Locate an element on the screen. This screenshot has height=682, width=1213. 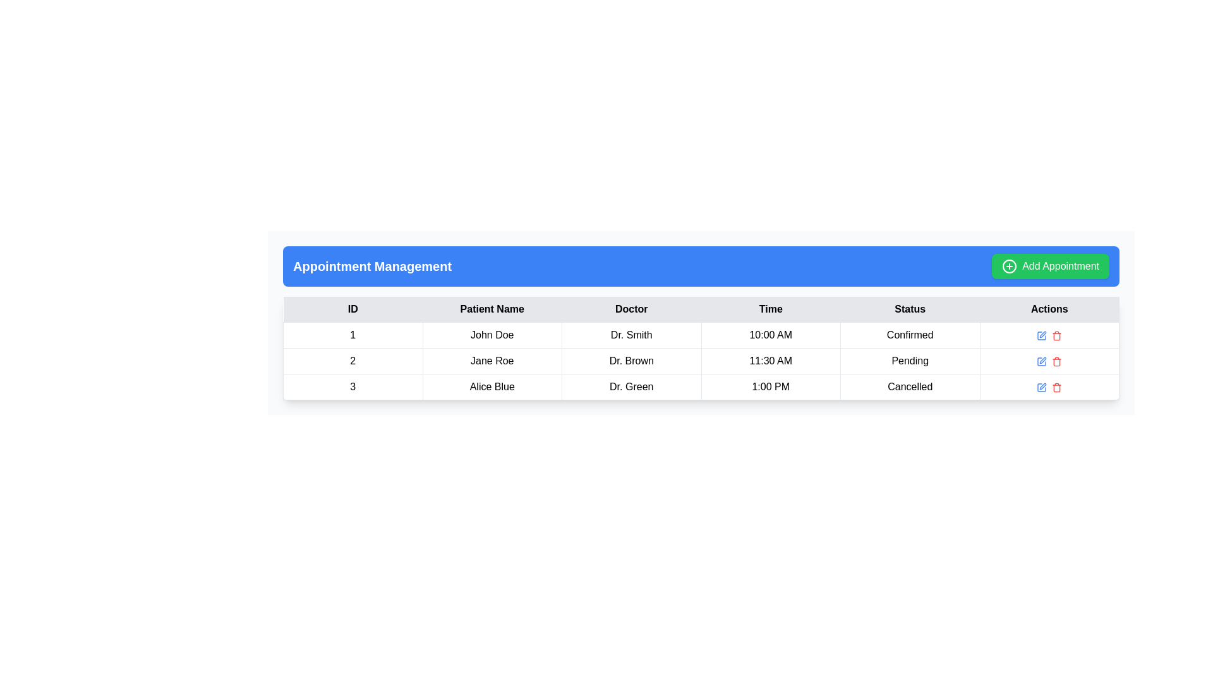
the text label displaying 'Appointment Management' which is styled with a bold font and positioned in the header section of the page is located at coordinates (371, 265).